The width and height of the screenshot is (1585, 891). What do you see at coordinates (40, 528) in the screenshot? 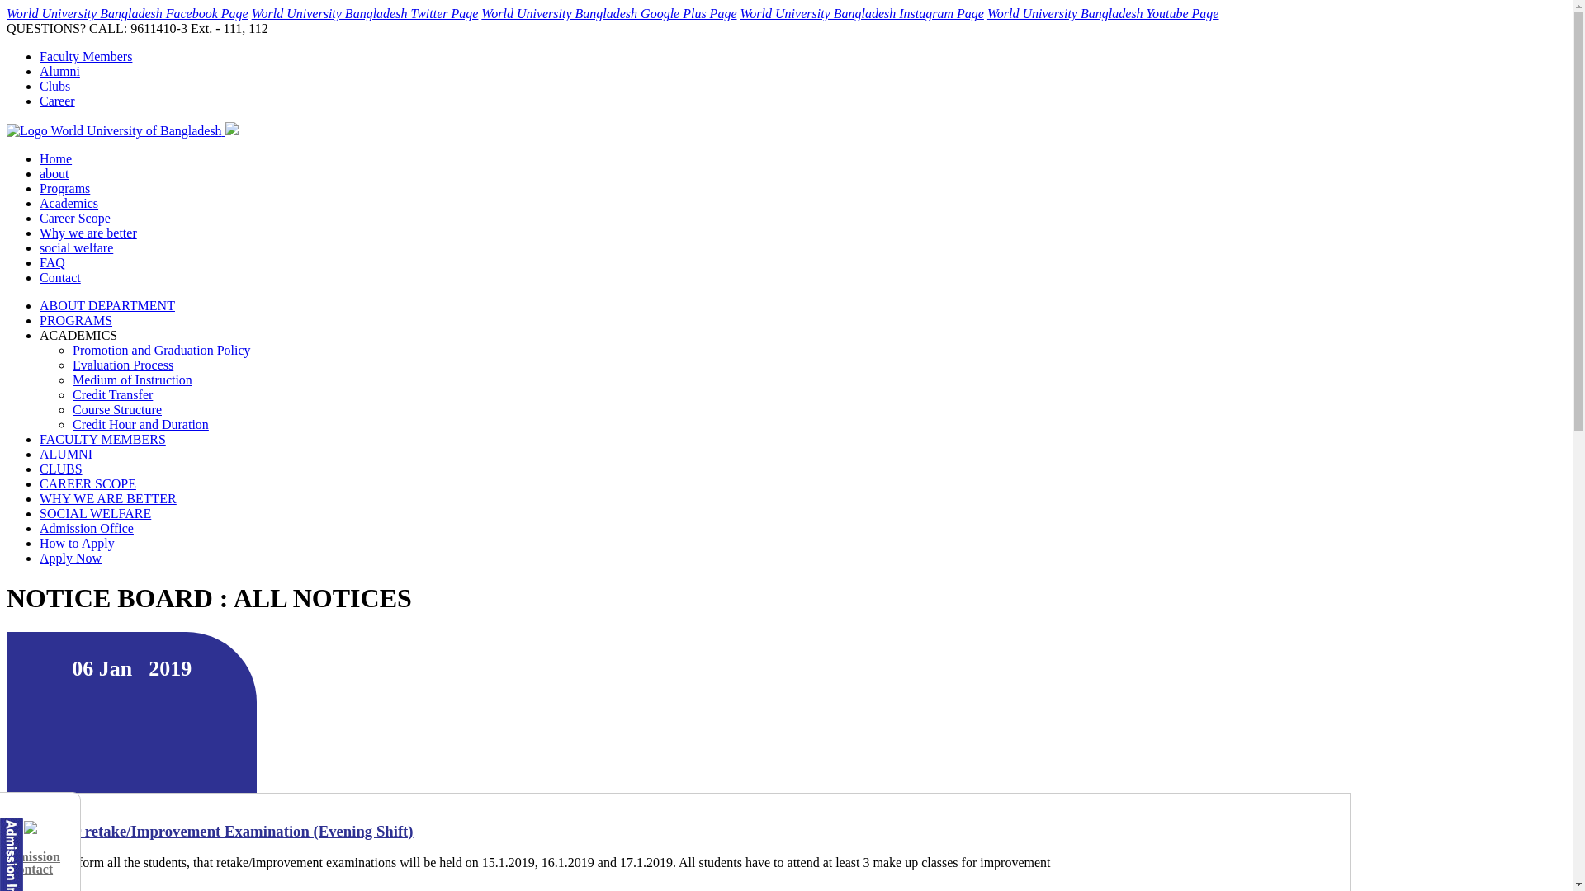
I see `'Admission Office'` at bounding box center [40, 528].